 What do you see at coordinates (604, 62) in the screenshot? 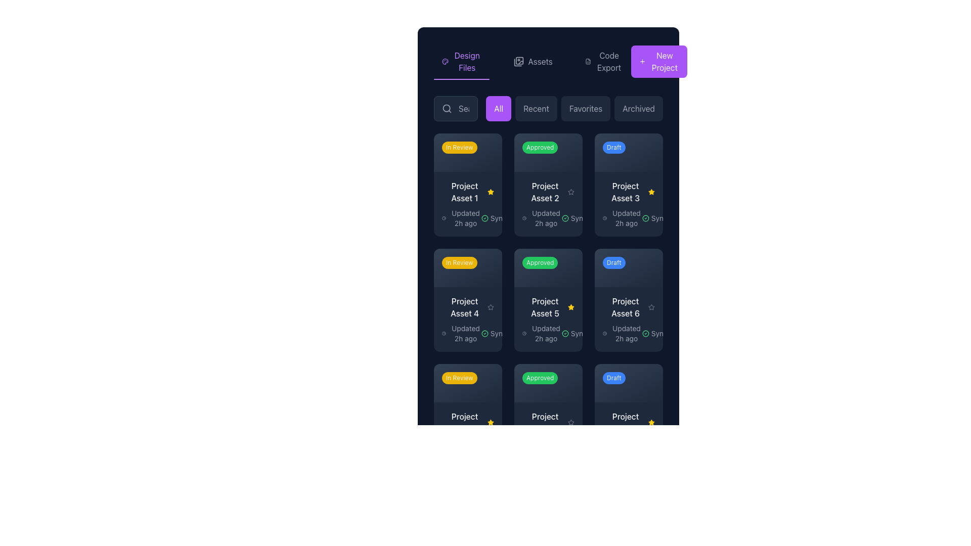
I see `the third navigation element in the top header section` at bounding box center [604, 62].